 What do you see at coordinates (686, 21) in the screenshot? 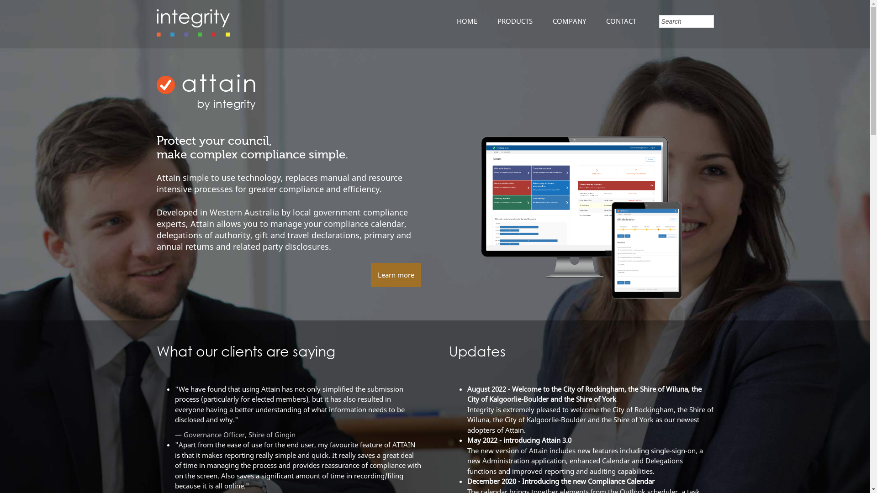
I see `'Search this site'` at bounding box center [686, 21].